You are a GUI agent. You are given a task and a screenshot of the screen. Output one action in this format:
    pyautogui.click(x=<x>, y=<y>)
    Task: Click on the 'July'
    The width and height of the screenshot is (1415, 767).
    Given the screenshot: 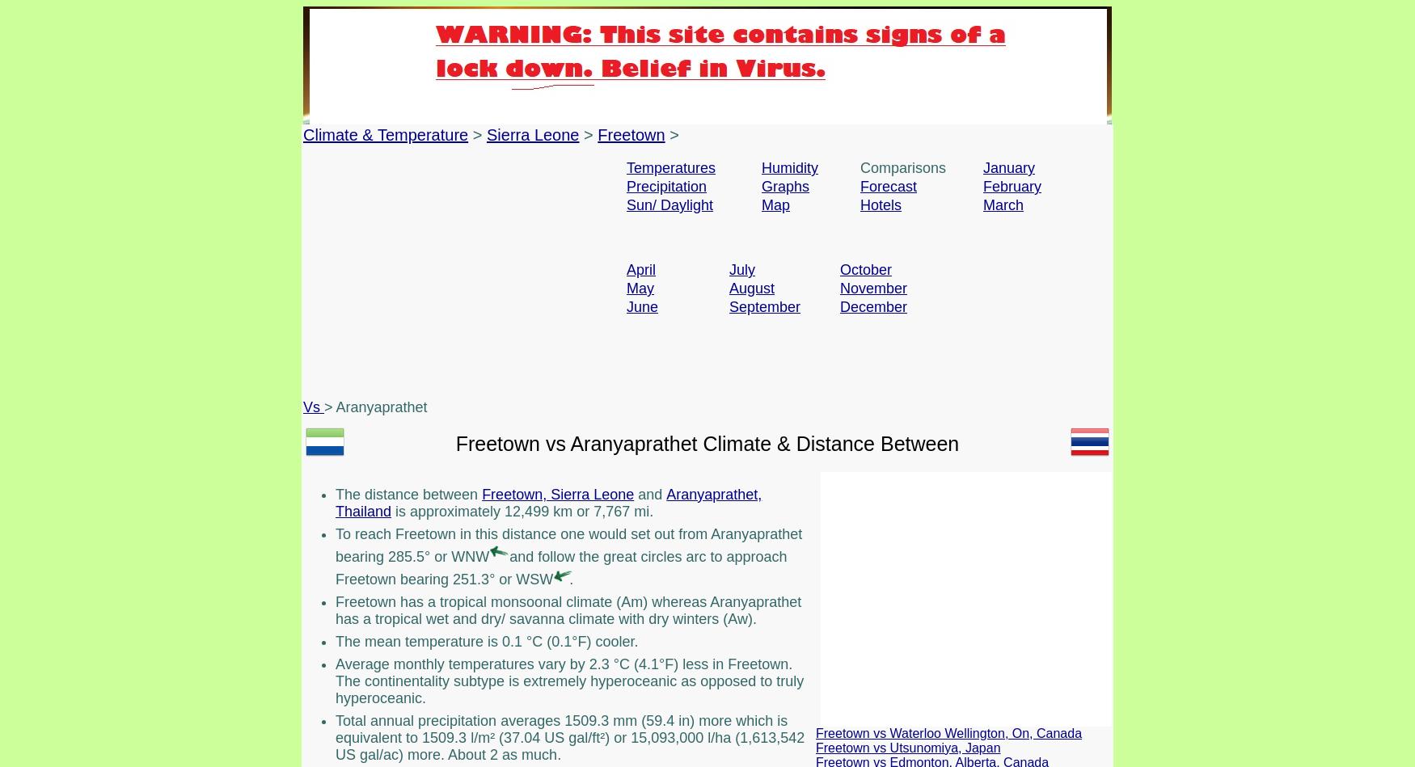 What is the action you would take?
    pyautogui.click(x=741, y=269)
    